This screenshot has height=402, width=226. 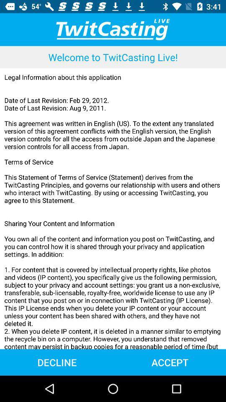 I want to click on icon below legal information about icon, so click(x=56, y=362).